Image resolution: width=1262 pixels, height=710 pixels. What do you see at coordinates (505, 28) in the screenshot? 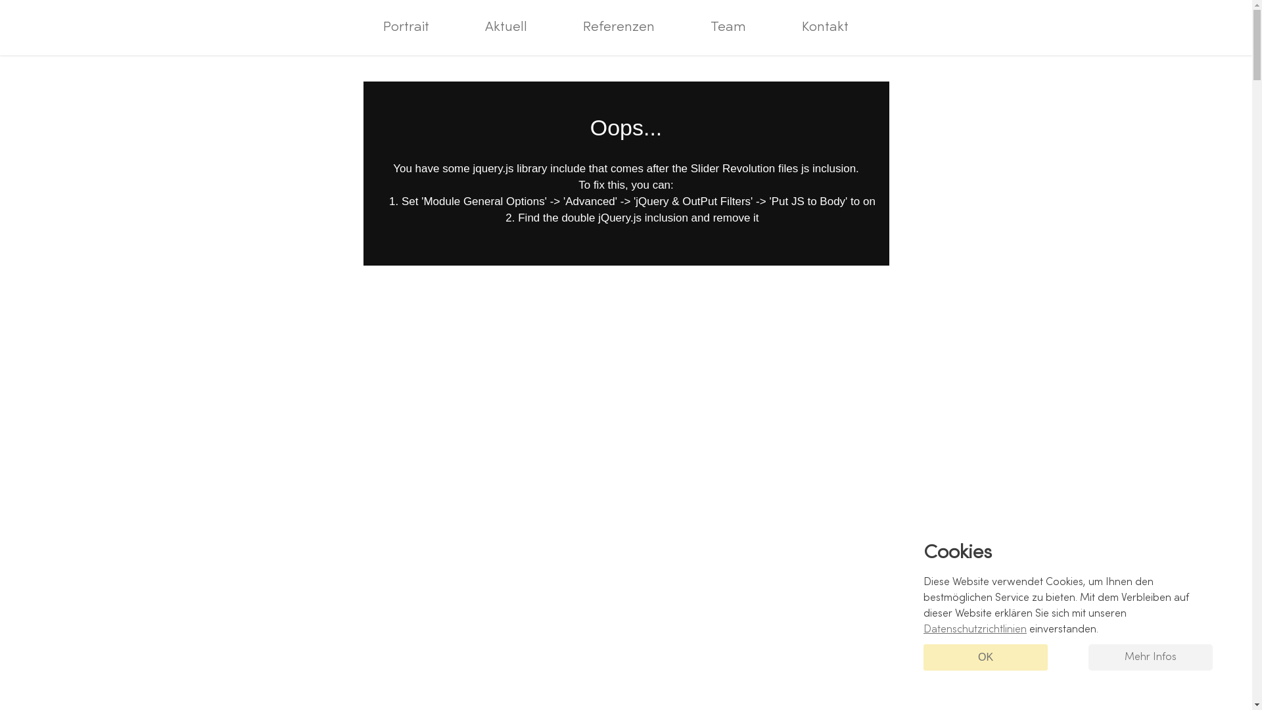
I see `'Aktuell'` at bounding box center [505, 28].